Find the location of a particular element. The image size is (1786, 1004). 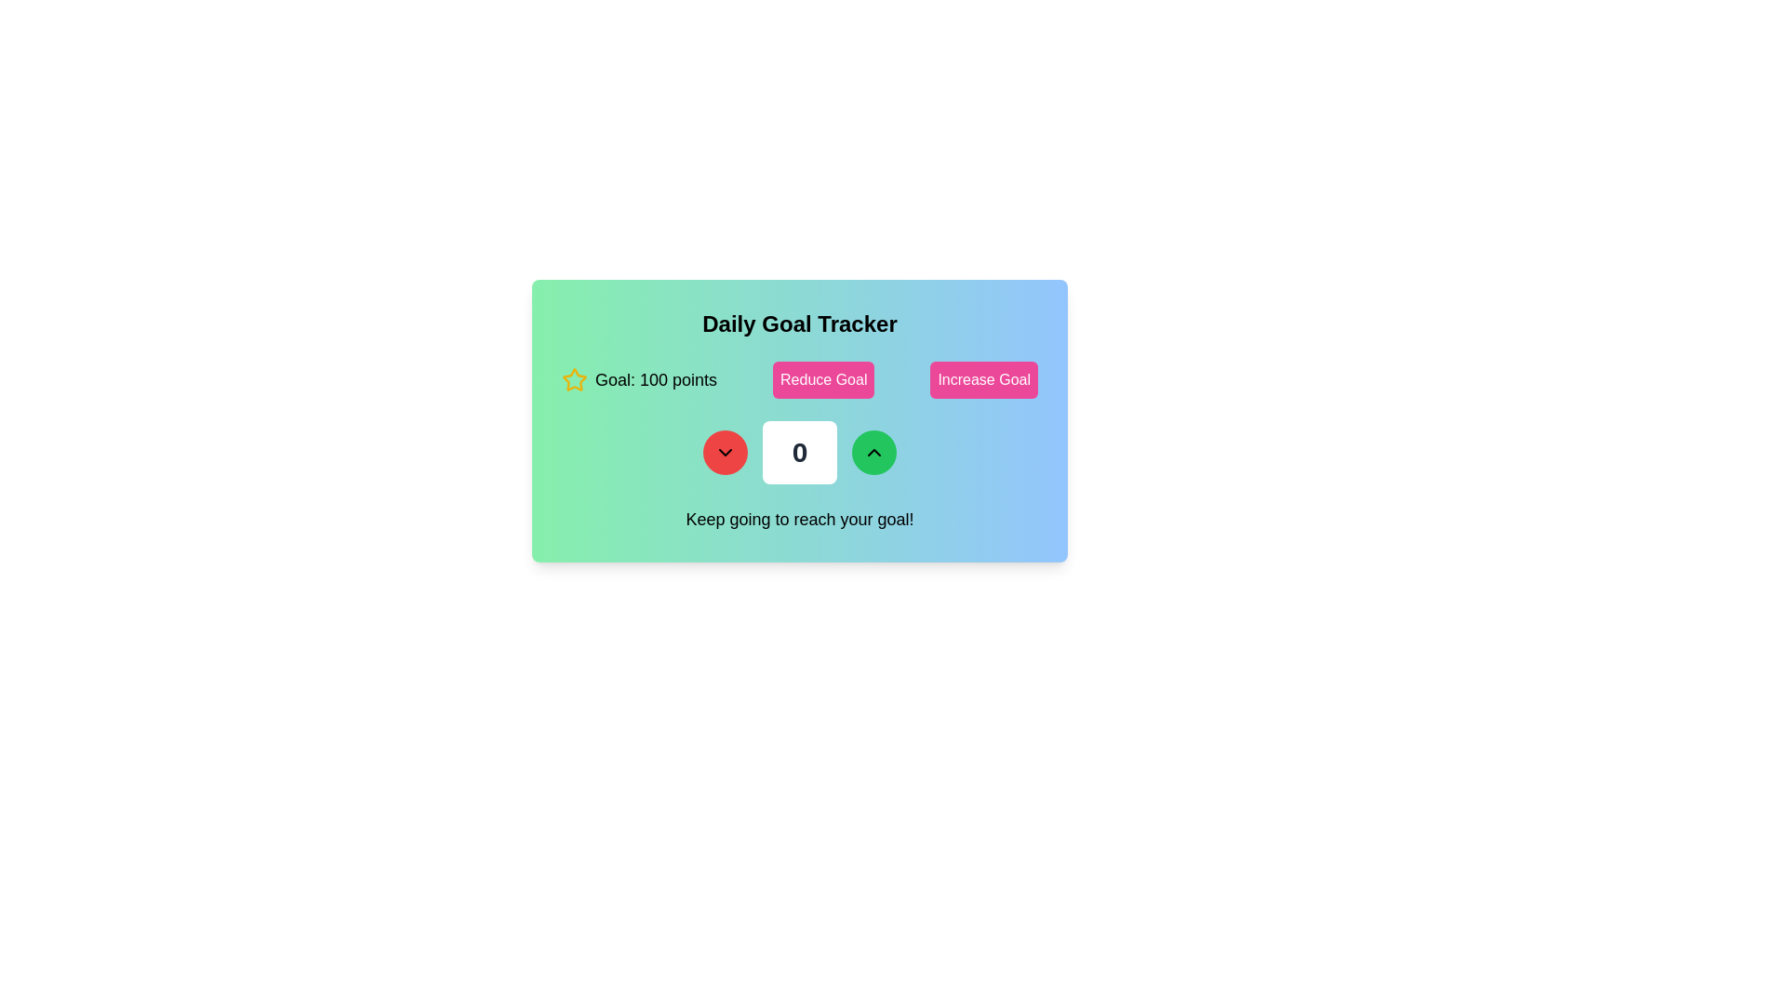

the rounded red A button with a downward-pointing arrow icon in the numeric adjustment interface of the Daily Goal Tracker card to trigger hover effects is located at coordinates (724, 452).